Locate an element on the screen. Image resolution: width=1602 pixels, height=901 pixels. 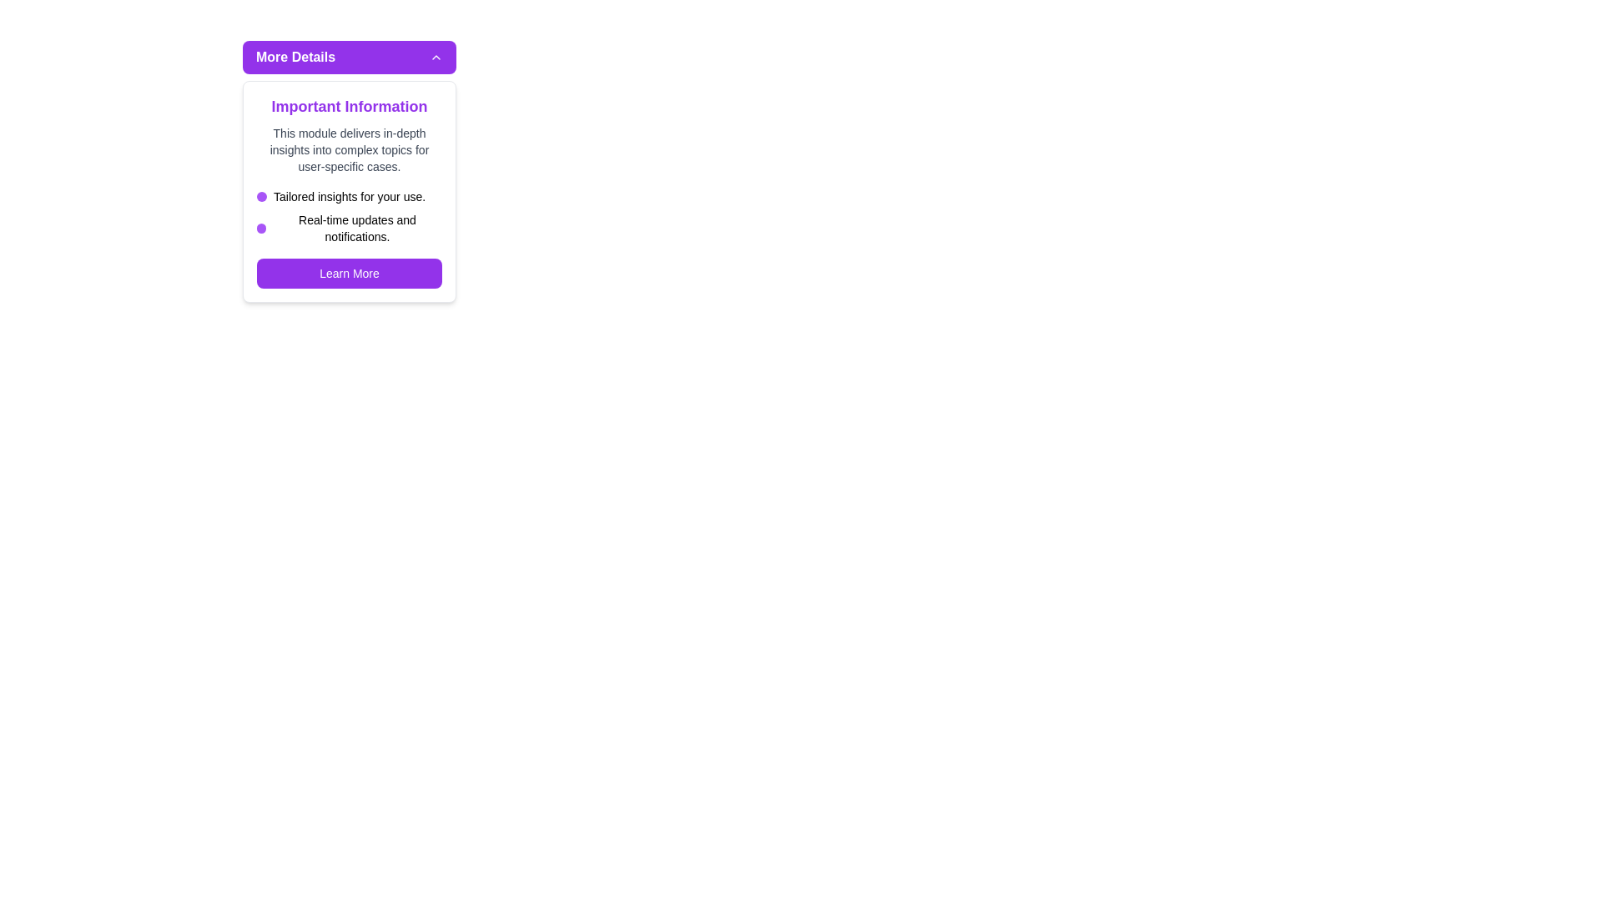
the interactive button located at the top of the compact informational panel is located at coordinates (348, 57).